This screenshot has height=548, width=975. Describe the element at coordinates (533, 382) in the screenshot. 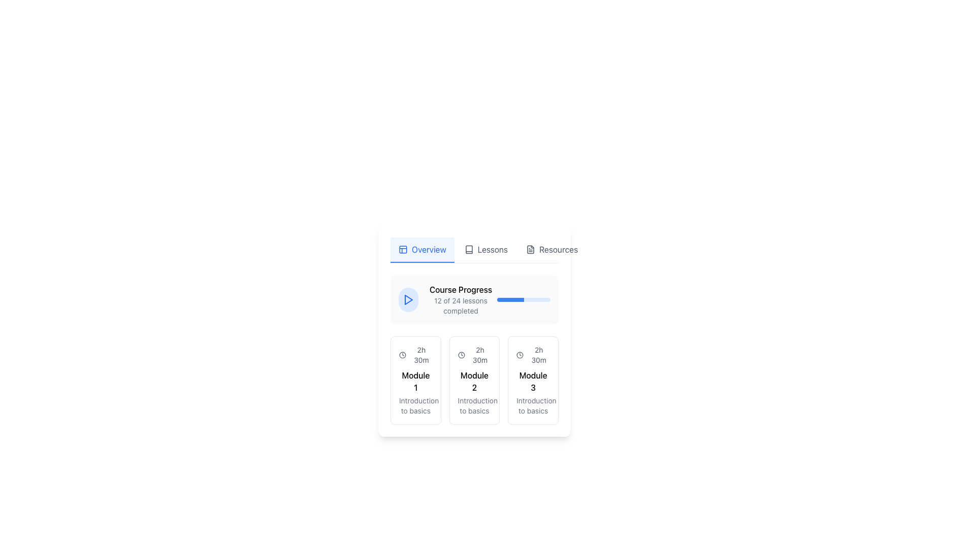

I see `the text label that denotes the title of the third course module, which is centrally aligned in its card structure, positioned below a clock icon and above the text 'Introduction to basics'` at that location.